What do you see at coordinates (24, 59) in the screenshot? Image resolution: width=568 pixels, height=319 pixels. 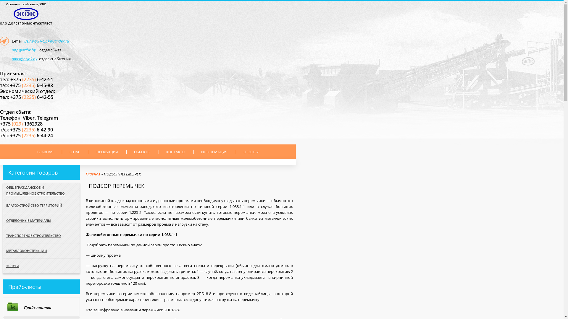 I see `'omts@ozjbk.by'` at bounding box center [24, 59].